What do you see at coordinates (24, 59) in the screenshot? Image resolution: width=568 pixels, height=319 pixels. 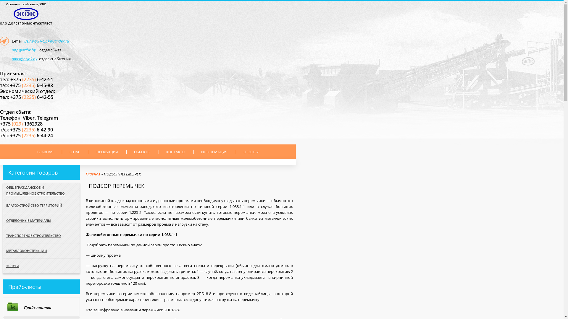 I see `'omts@ozjbk.by'` at bounding box center [24, 59].